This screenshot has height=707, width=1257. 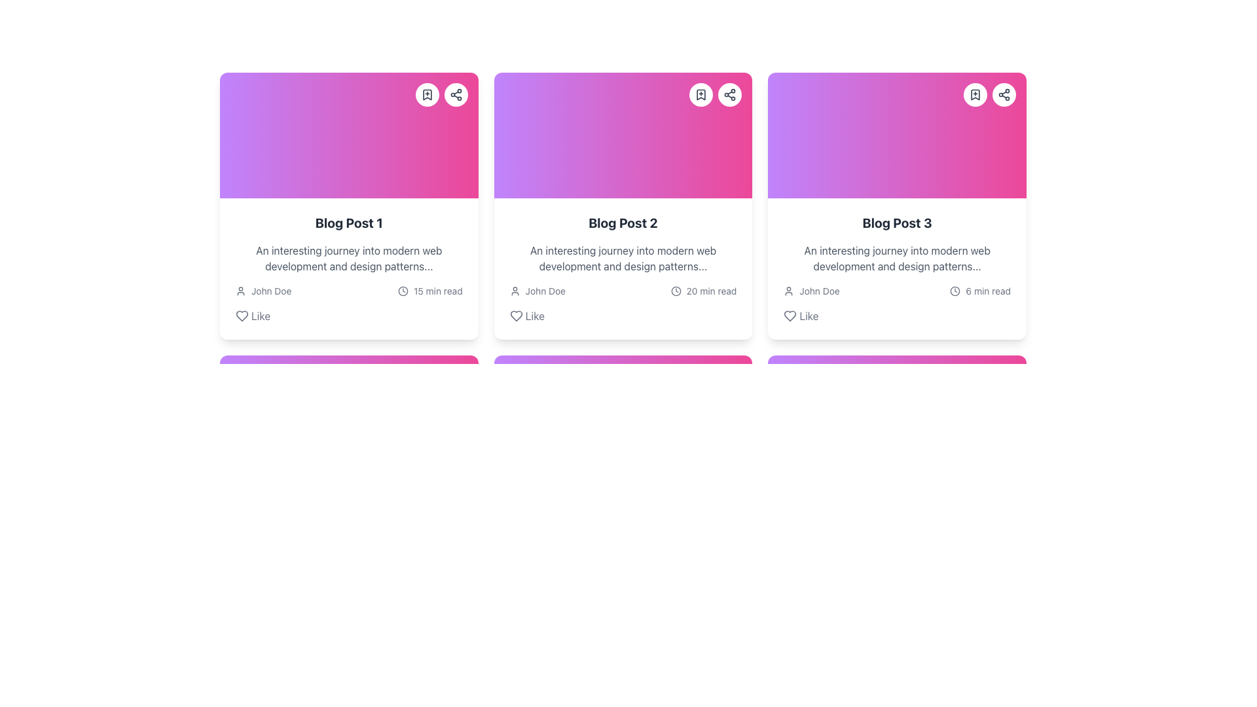 I want to click on the '20 min read' text label, which is styled in a simple font and positioned next to a clock icon, indicating estimated reading time in the 'Blog Post 2' card, so click(x=710, y=290).